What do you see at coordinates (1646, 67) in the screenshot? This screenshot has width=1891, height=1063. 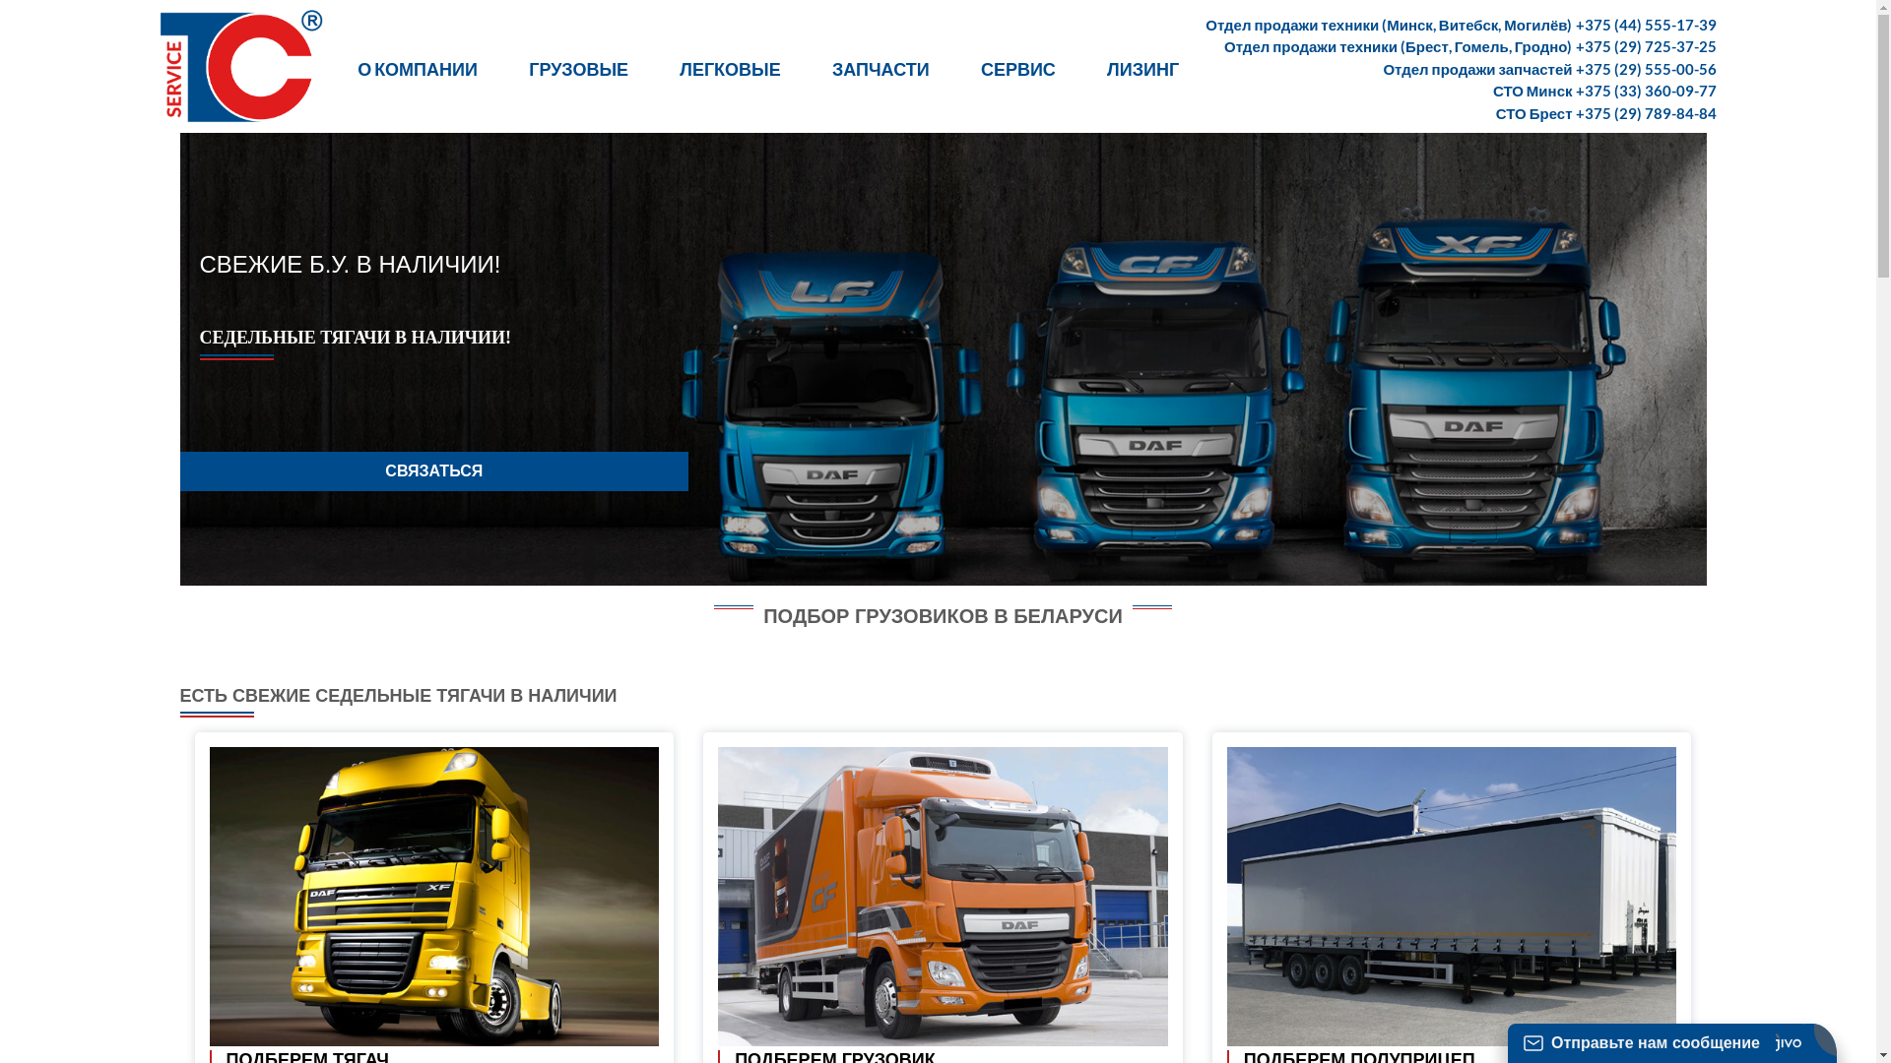 I see `'+375 (29) 555-00-56'` at bounding box center [1646, 67].